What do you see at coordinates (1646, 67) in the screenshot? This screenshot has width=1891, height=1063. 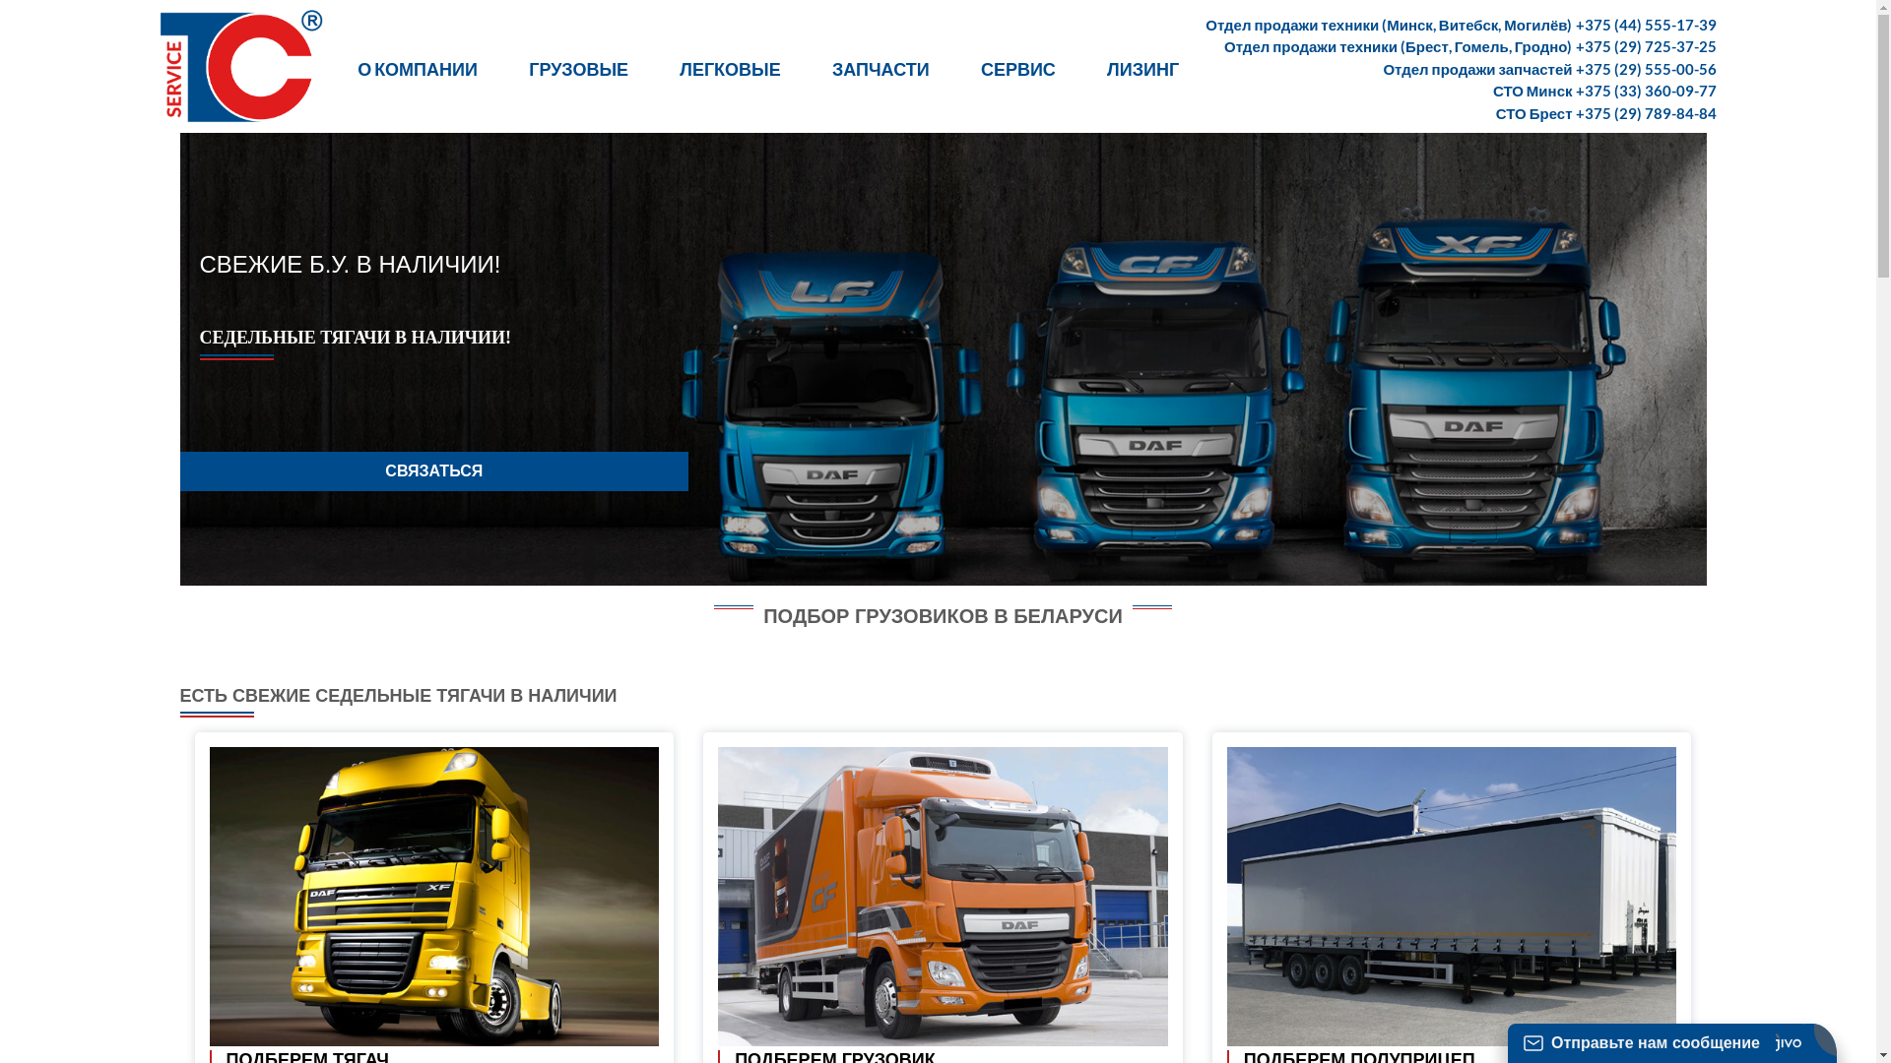 I see `'+375 (29) 555-00-56'` at bounding box center [1646, 67].